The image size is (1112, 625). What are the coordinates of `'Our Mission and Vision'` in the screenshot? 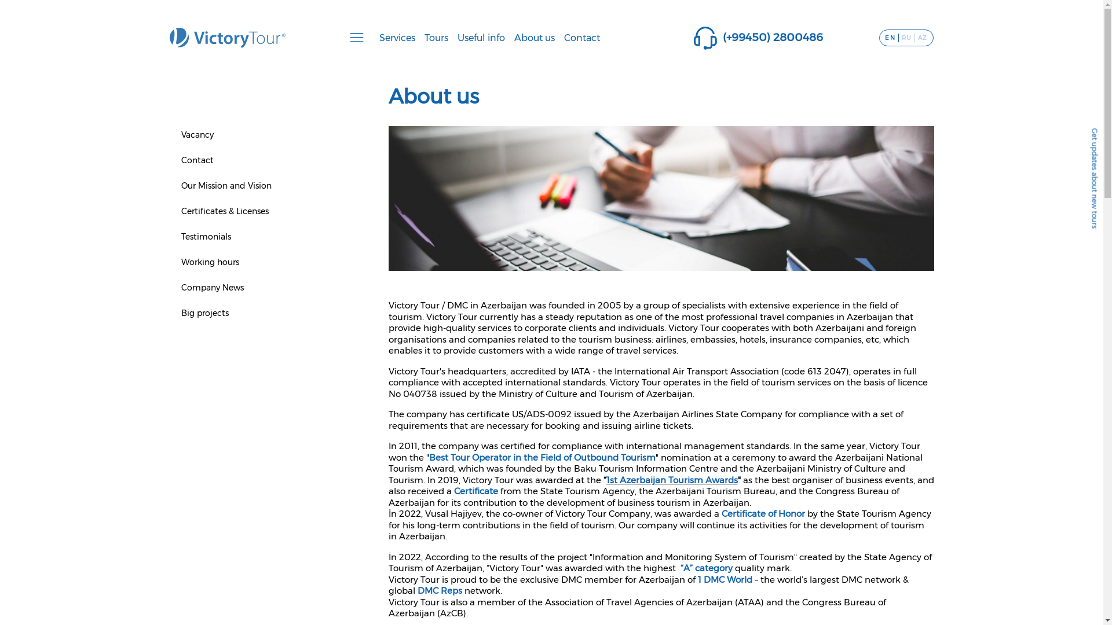 It's located at (225, 185).